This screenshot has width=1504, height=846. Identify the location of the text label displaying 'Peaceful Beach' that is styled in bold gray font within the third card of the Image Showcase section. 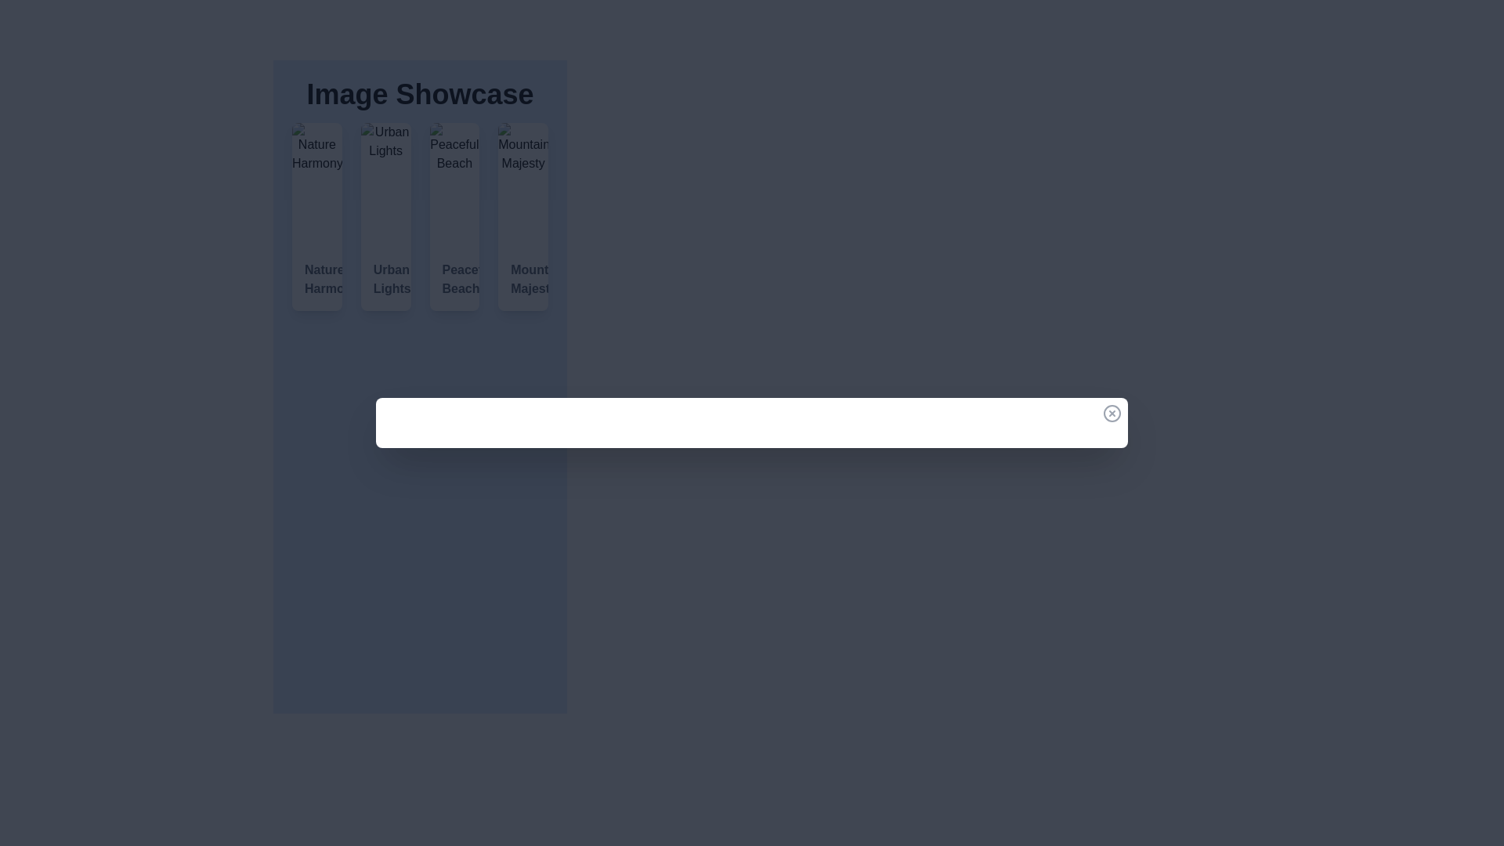
(454, 279).